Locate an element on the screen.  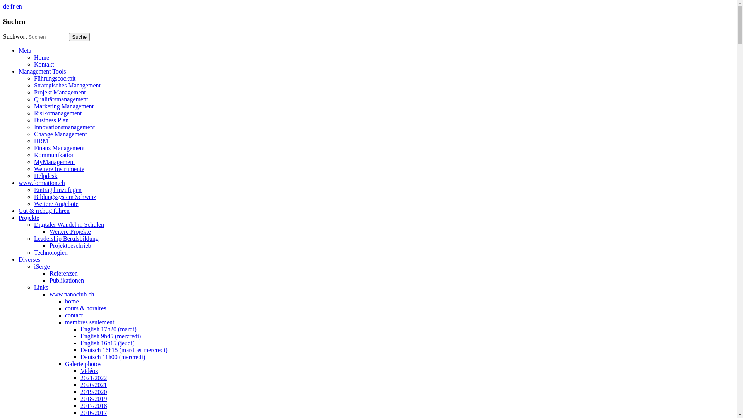
'HRM' is located at coordinates (33, 141).